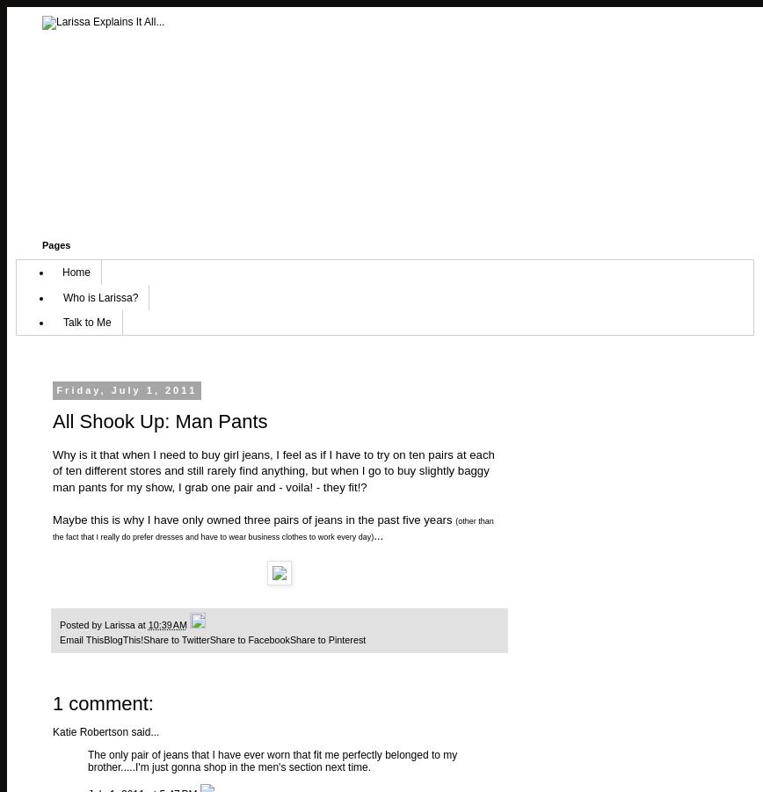  What do you see at coordinates (272, 761) in the screenshot?
I see `'The only pair of jeans that I have ever worn that fit me perfectly belonged to my brother.....I'm just gonna shop in the men's section next time.'` at bounding box center [272, 761].